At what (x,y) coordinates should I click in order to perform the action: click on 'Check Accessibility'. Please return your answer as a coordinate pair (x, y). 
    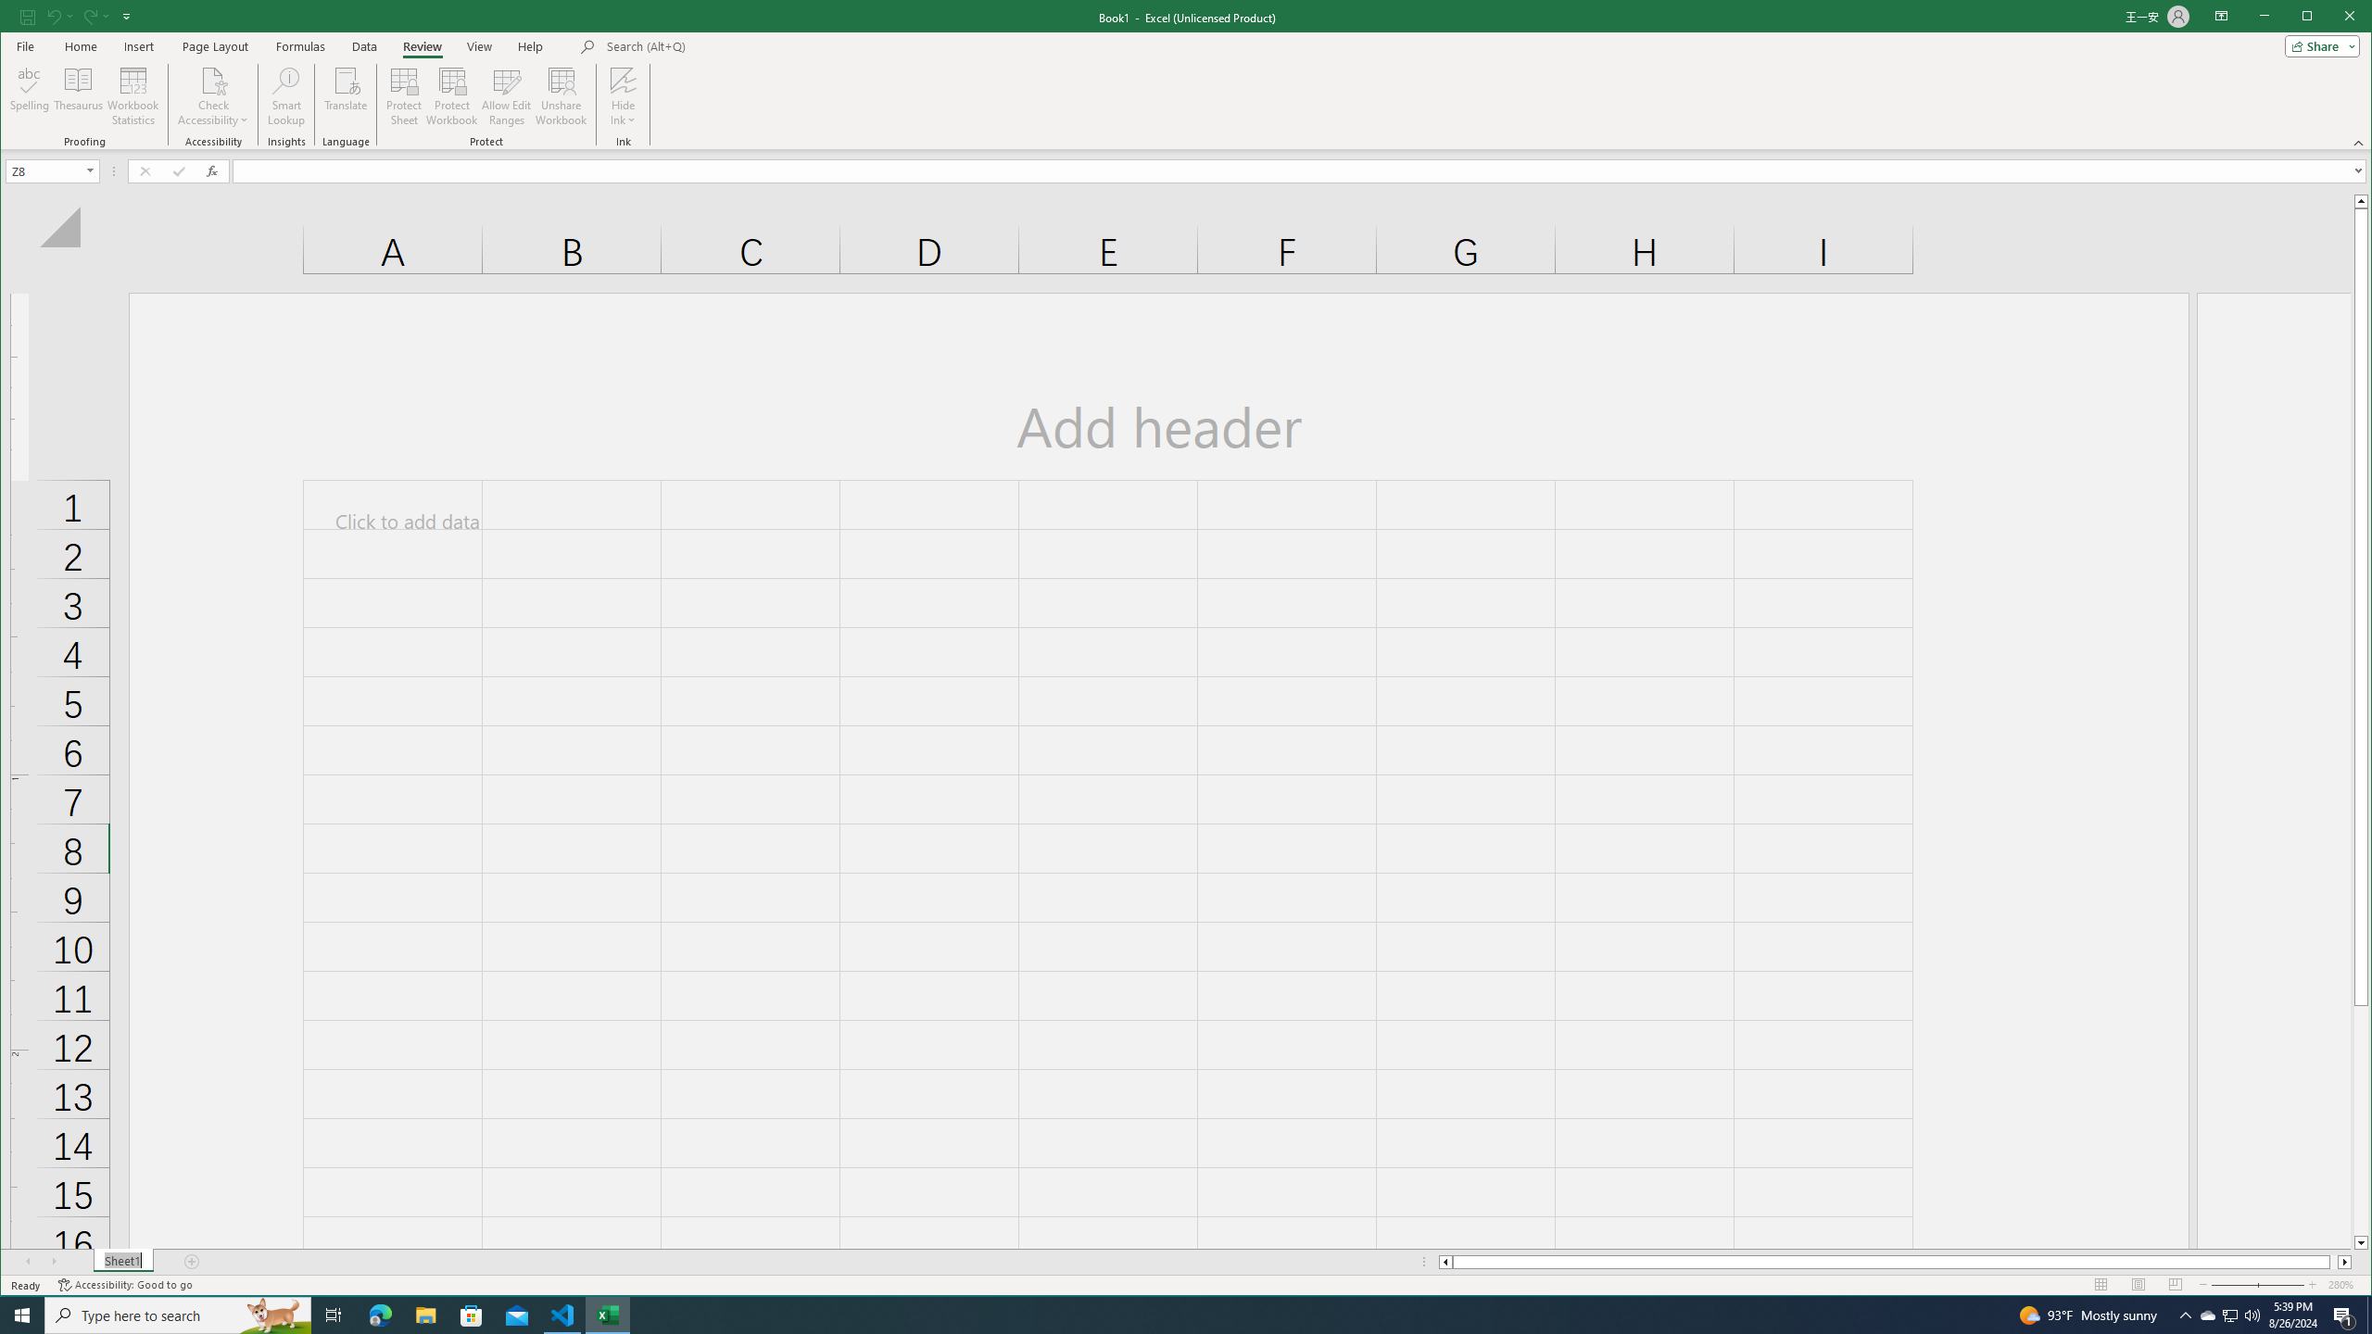
    Looking at the image, I should click on (212, 79).